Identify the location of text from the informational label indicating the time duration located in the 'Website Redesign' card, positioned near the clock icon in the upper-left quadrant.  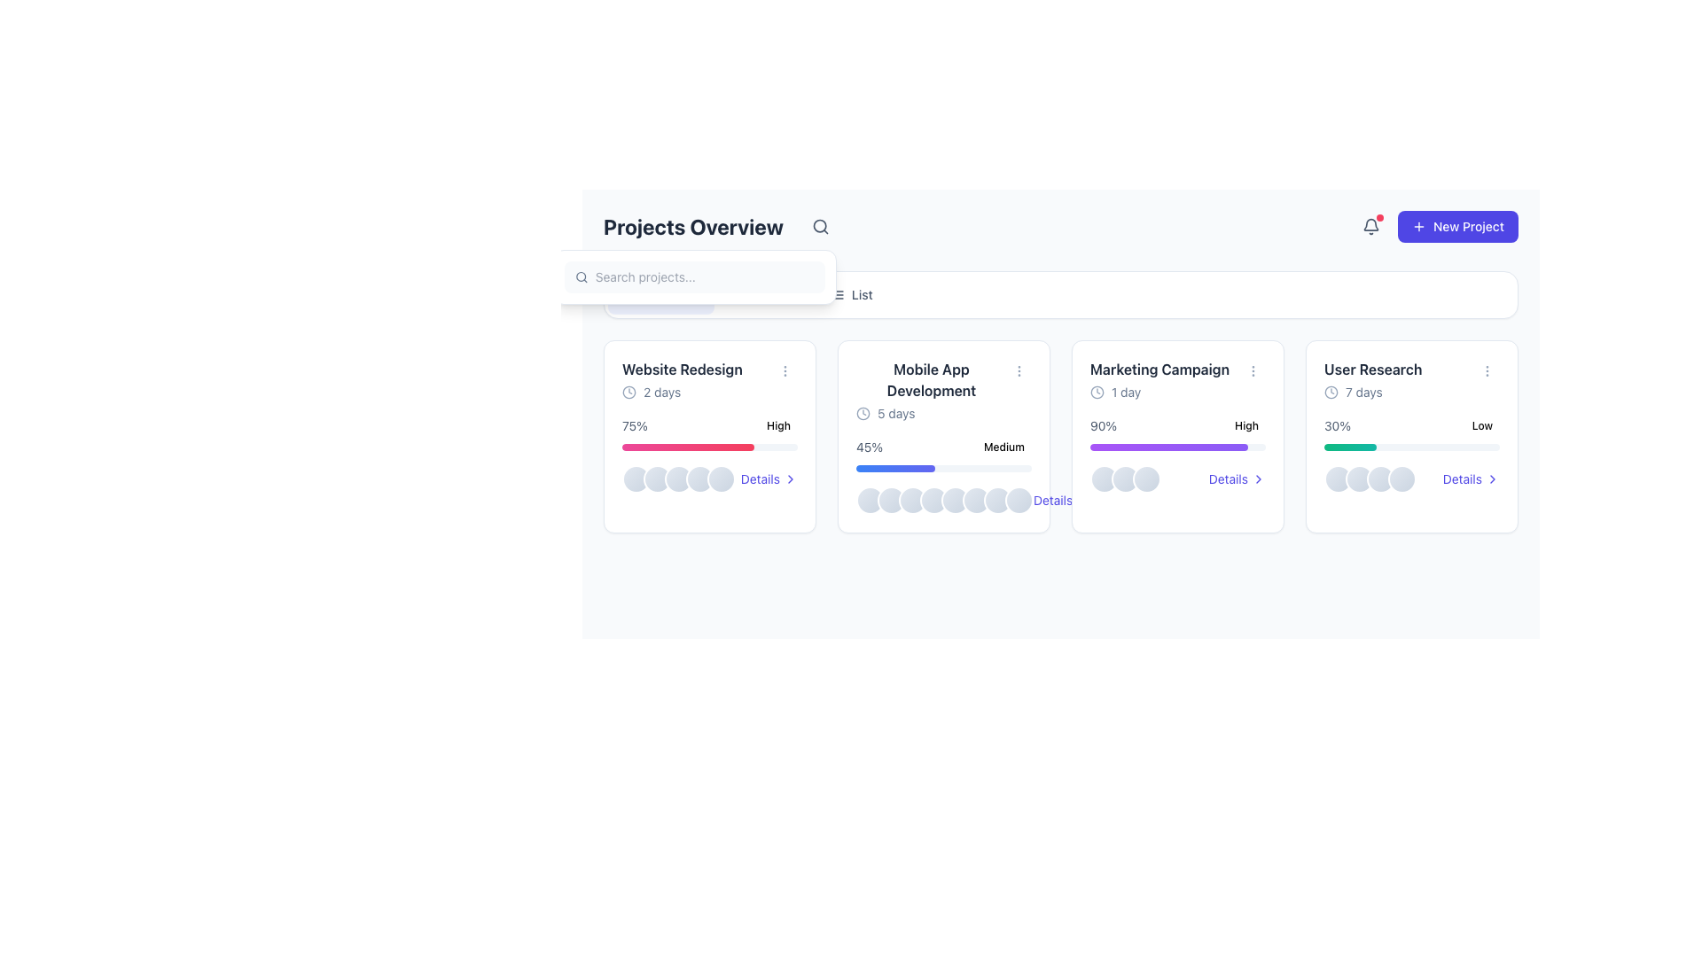
(661, 392).